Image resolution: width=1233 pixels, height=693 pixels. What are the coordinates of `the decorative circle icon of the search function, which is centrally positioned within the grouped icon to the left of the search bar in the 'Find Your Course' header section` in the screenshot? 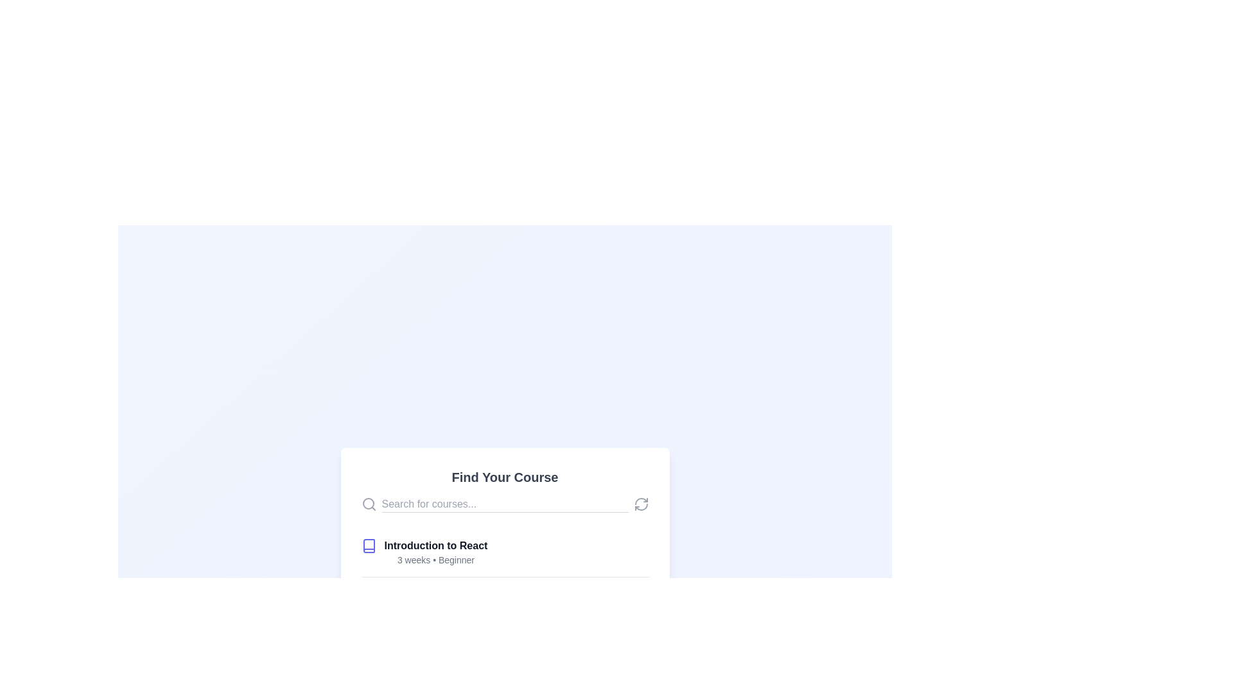 It's located at (367, 503).